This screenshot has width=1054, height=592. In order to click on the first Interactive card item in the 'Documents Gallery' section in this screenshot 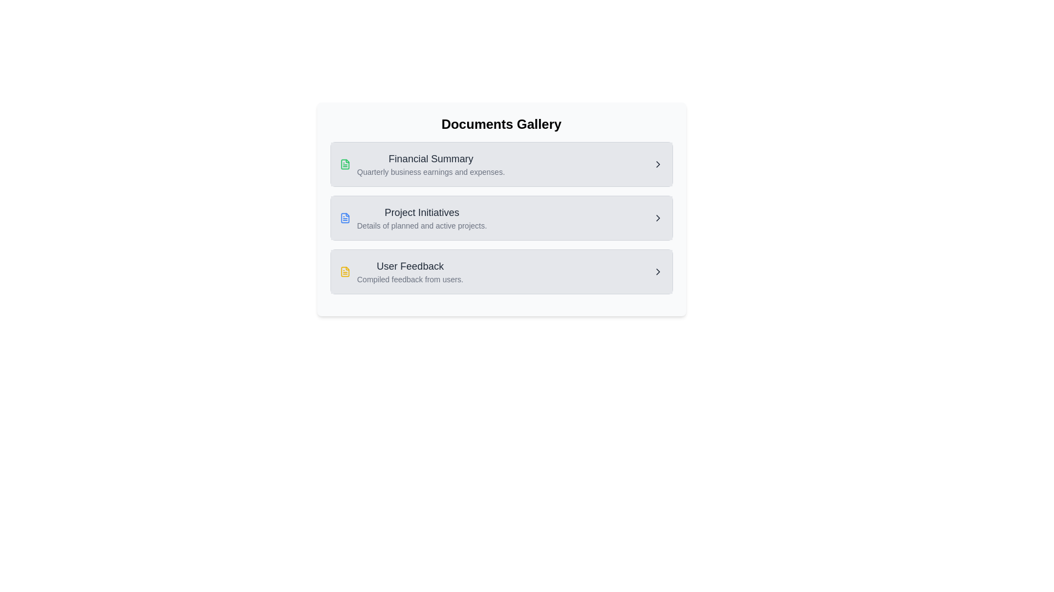, I will do `click(501, 164)`.